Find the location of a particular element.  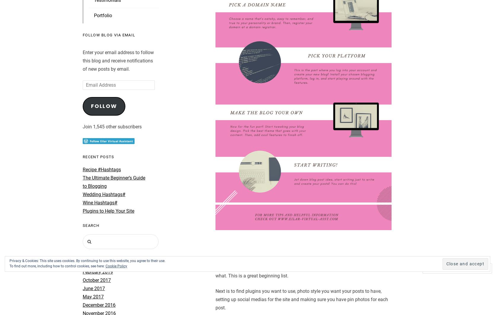

'Plugins to Help Your Site' is located at coordinates (108, 211).